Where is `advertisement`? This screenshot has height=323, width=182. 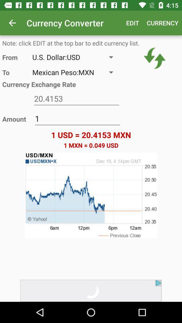 advertisement is located at coordinates (91, 290).